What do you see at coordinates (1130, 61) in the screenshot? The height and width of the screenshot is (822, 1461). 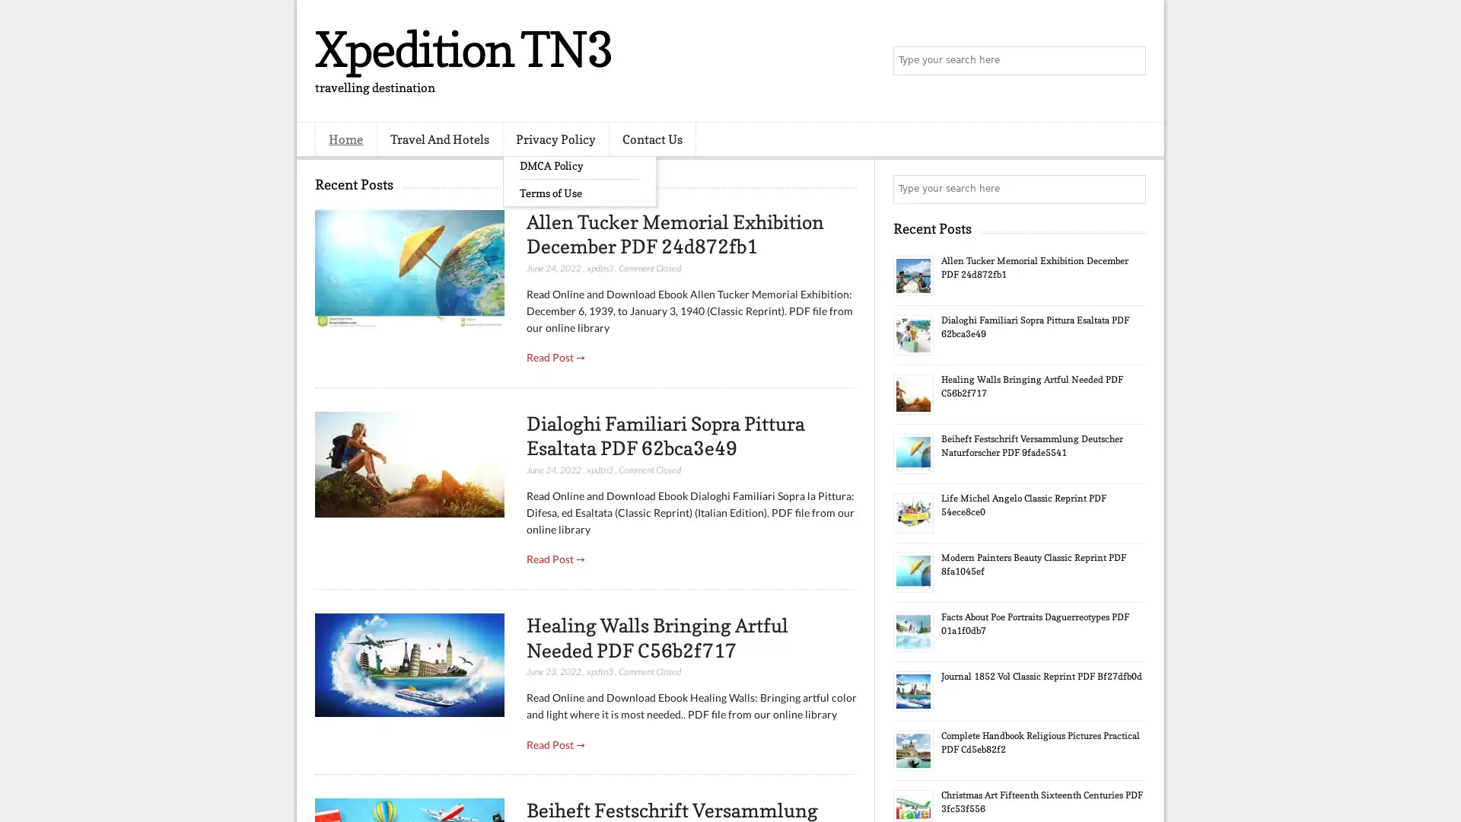 I see `Search` at bounding box center [1130, 61].